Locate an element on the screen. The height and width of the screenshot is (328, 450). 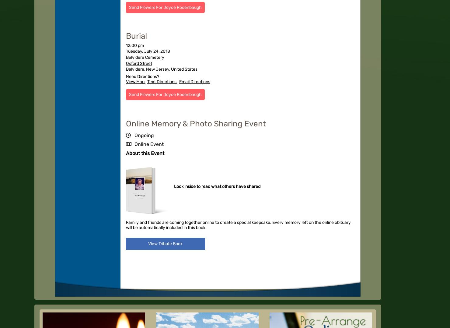
'View Map' is located at coordinates (135, 81).